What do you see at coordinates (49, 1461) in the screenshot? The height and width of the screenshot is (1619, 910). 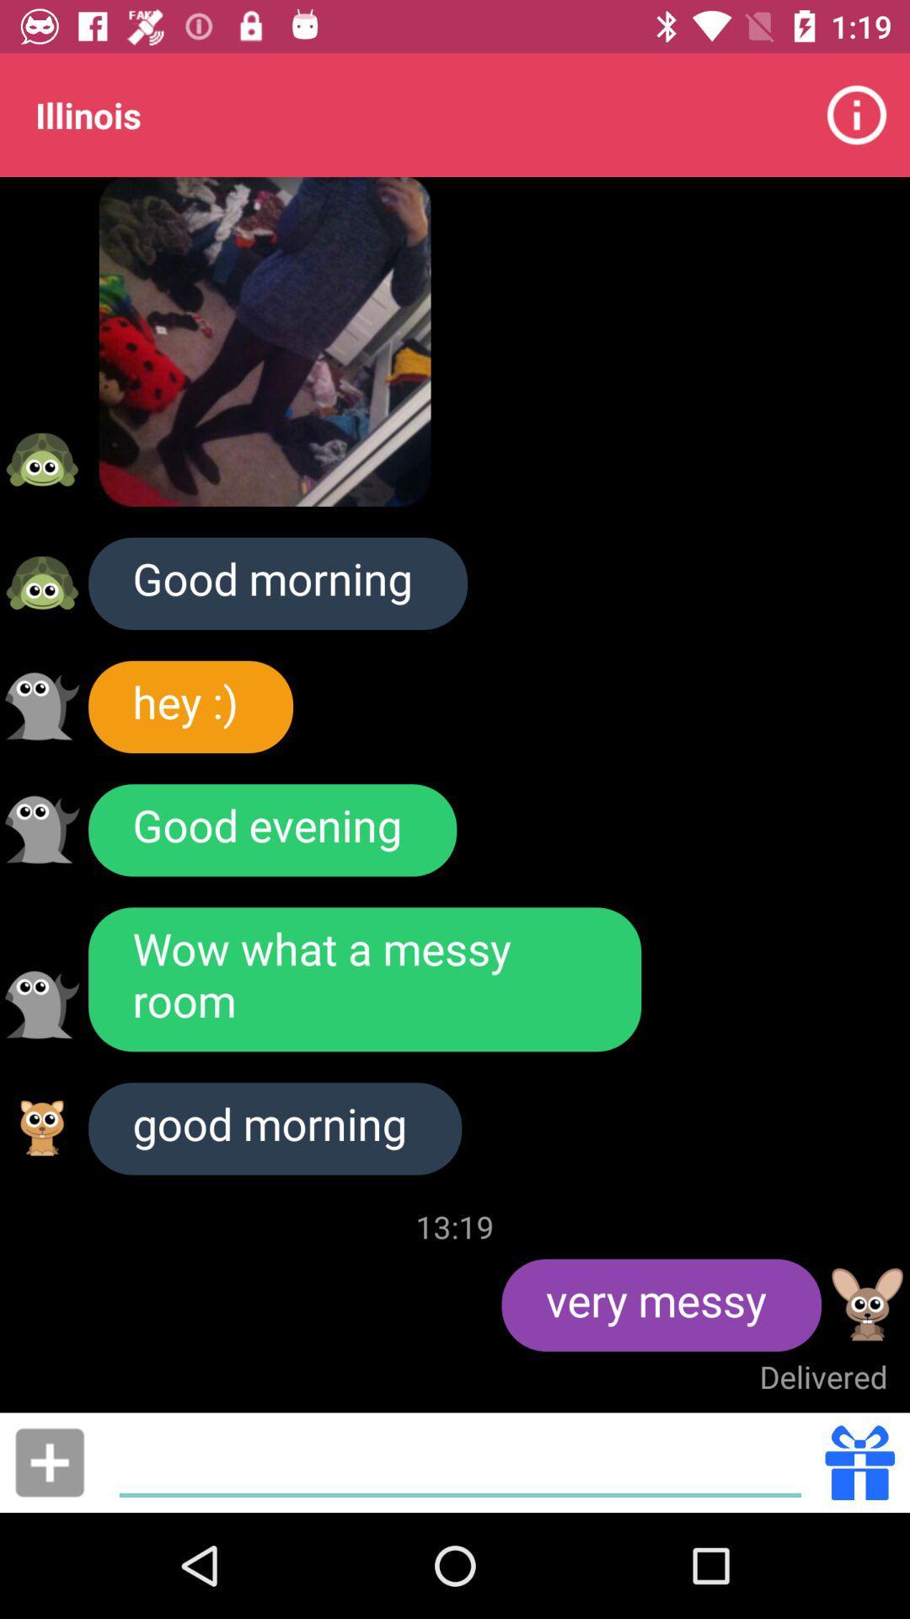 I see `the add icon` at bounding box center [49, 1461].